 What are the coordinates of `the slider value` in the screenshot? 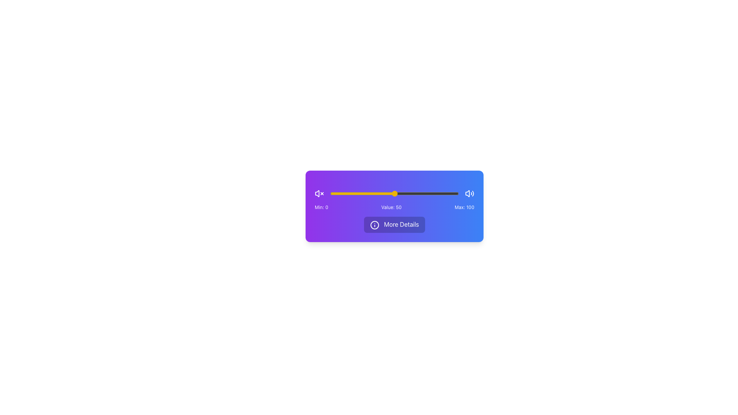 It's located at (359, 193).